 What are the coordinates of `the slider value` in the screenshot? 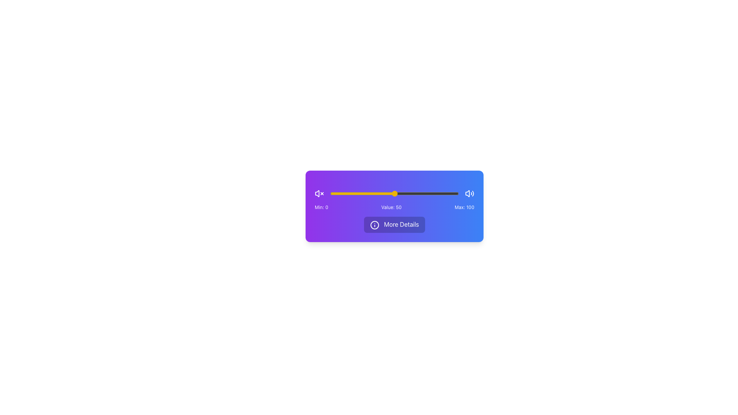 It's located at (359, 193).